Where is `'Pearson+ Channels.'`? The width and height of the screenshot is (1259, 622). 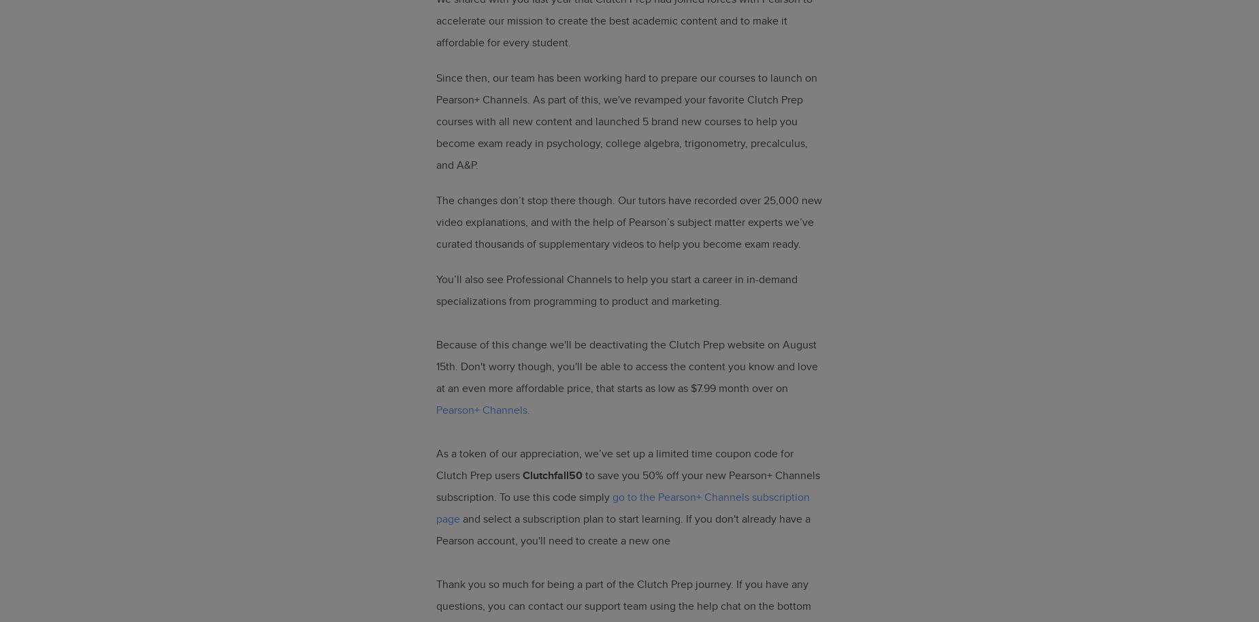 'Pearson+ Channels.' is located at coordinates (483, 409).